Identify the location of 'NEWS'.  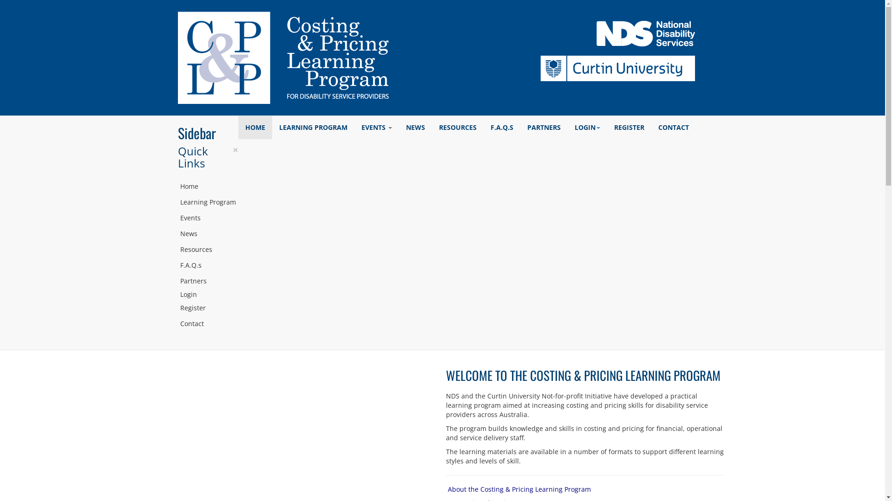
(414, 127).